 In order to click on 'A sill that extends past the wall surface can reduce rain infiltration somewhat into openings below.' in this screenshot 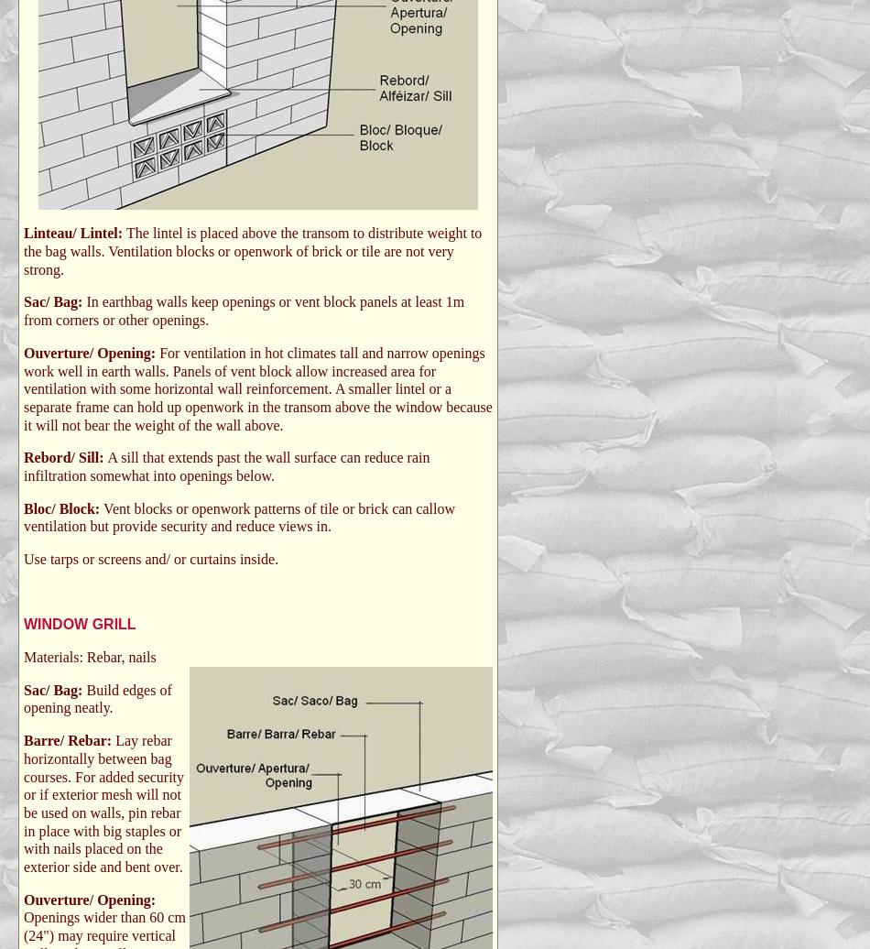, I will do `click(225, 465)`.